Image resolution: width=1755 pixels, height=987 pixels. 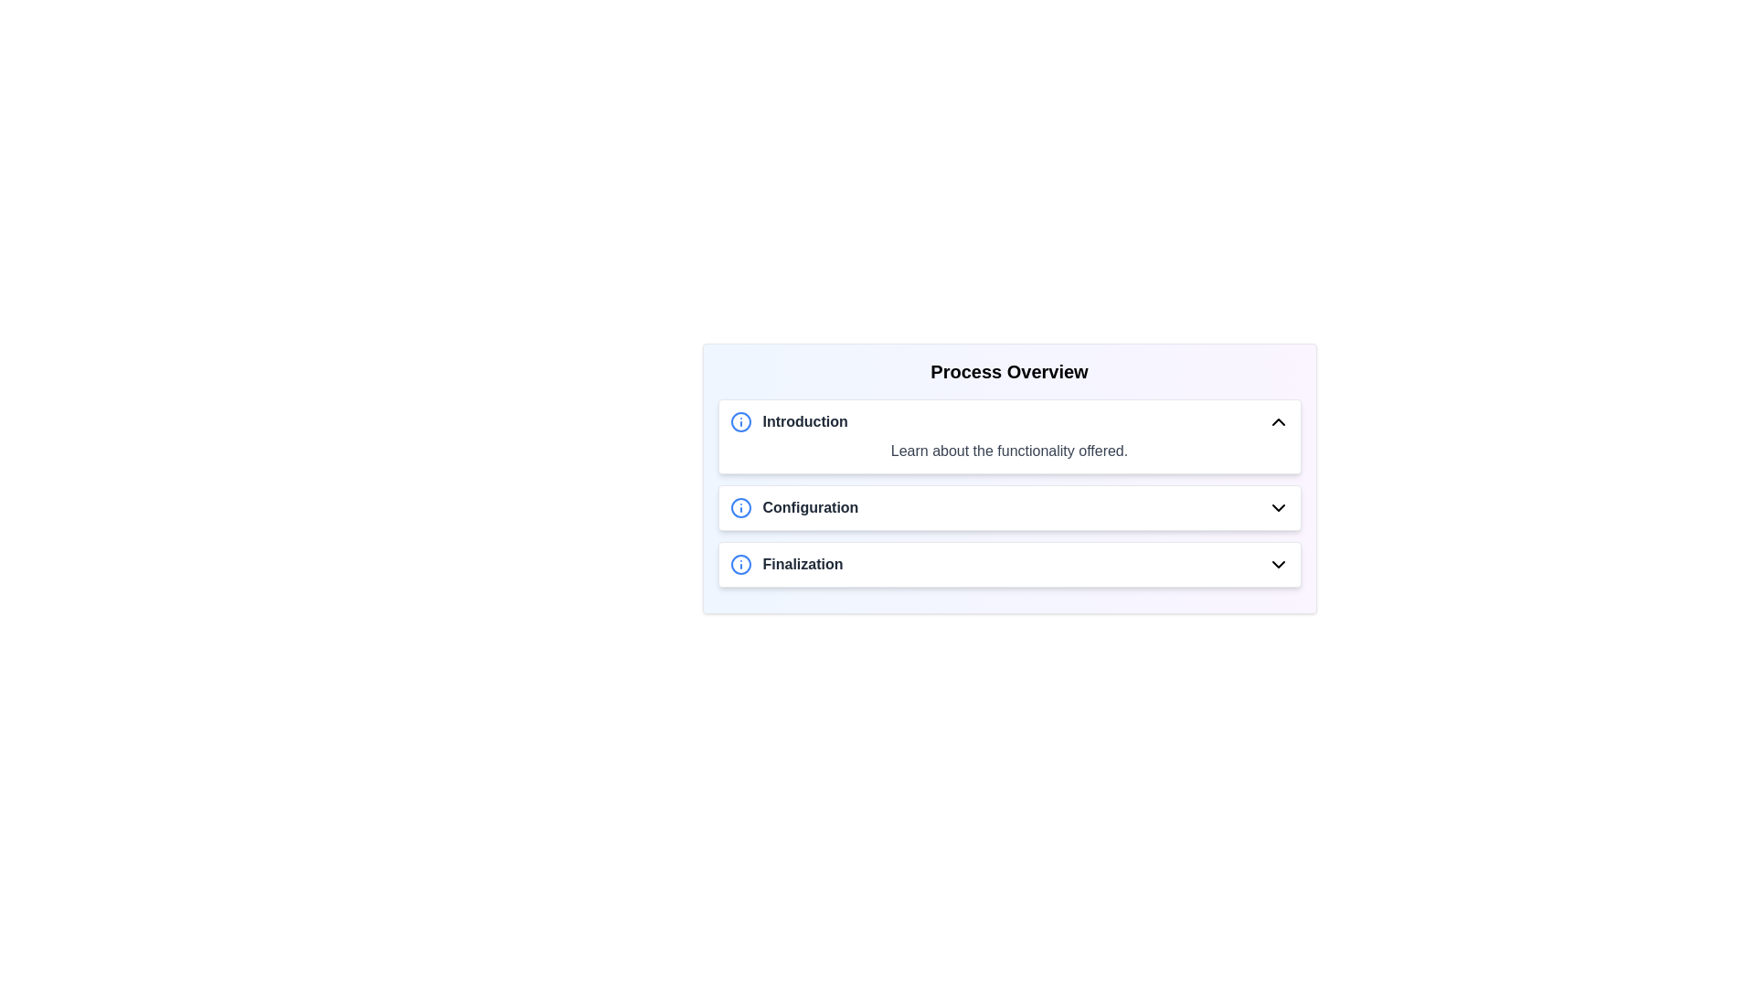 I want to click on the Circular SVG element with a blue stroke that outlines and surrounds other SVG elements in the interface, so click(x=740, y=563).